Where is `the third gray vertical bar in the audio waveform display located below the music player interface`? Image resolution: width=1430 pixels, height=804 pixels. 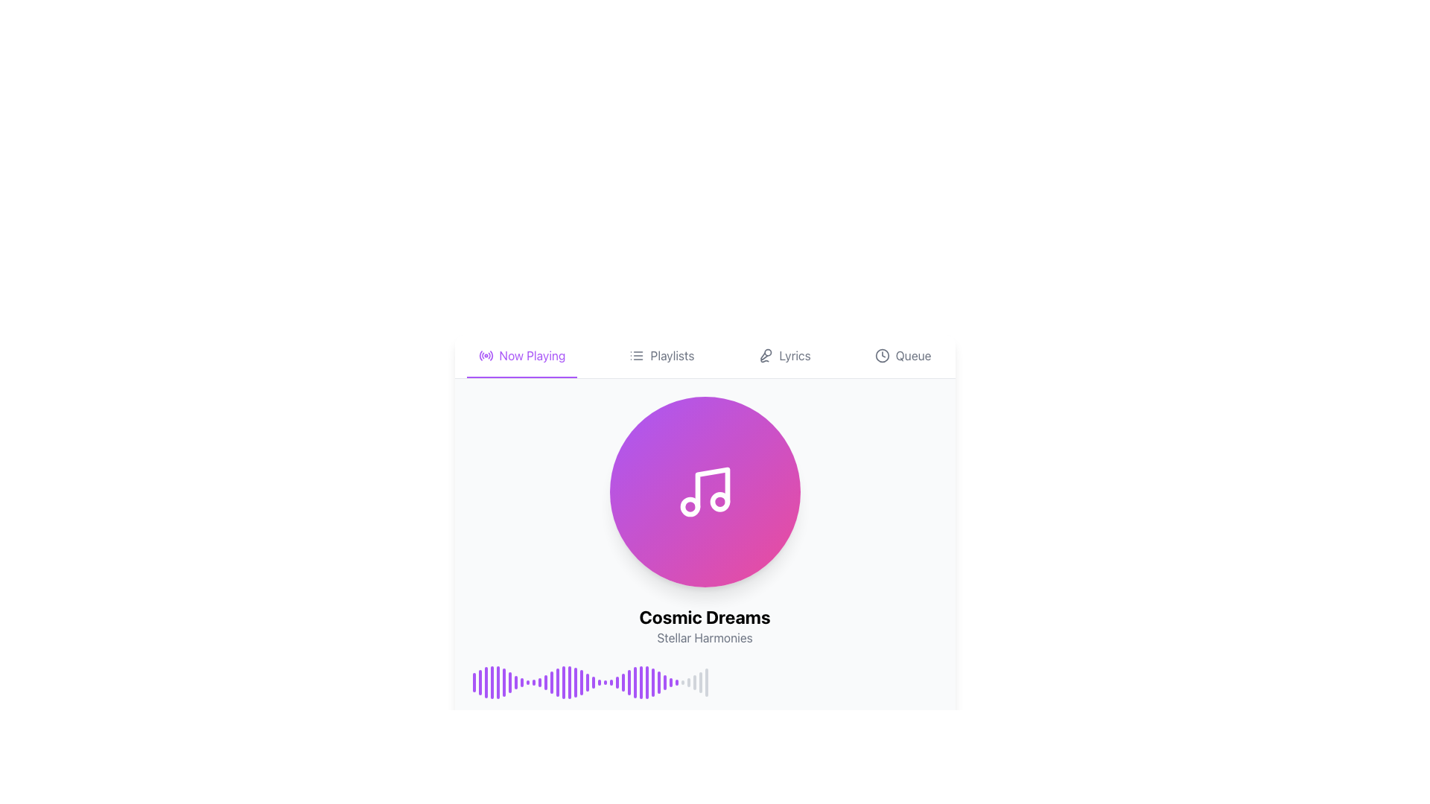
the third gray vertical bar in the audio waveform display located below the music player interface is located at coordinates (693, 683).